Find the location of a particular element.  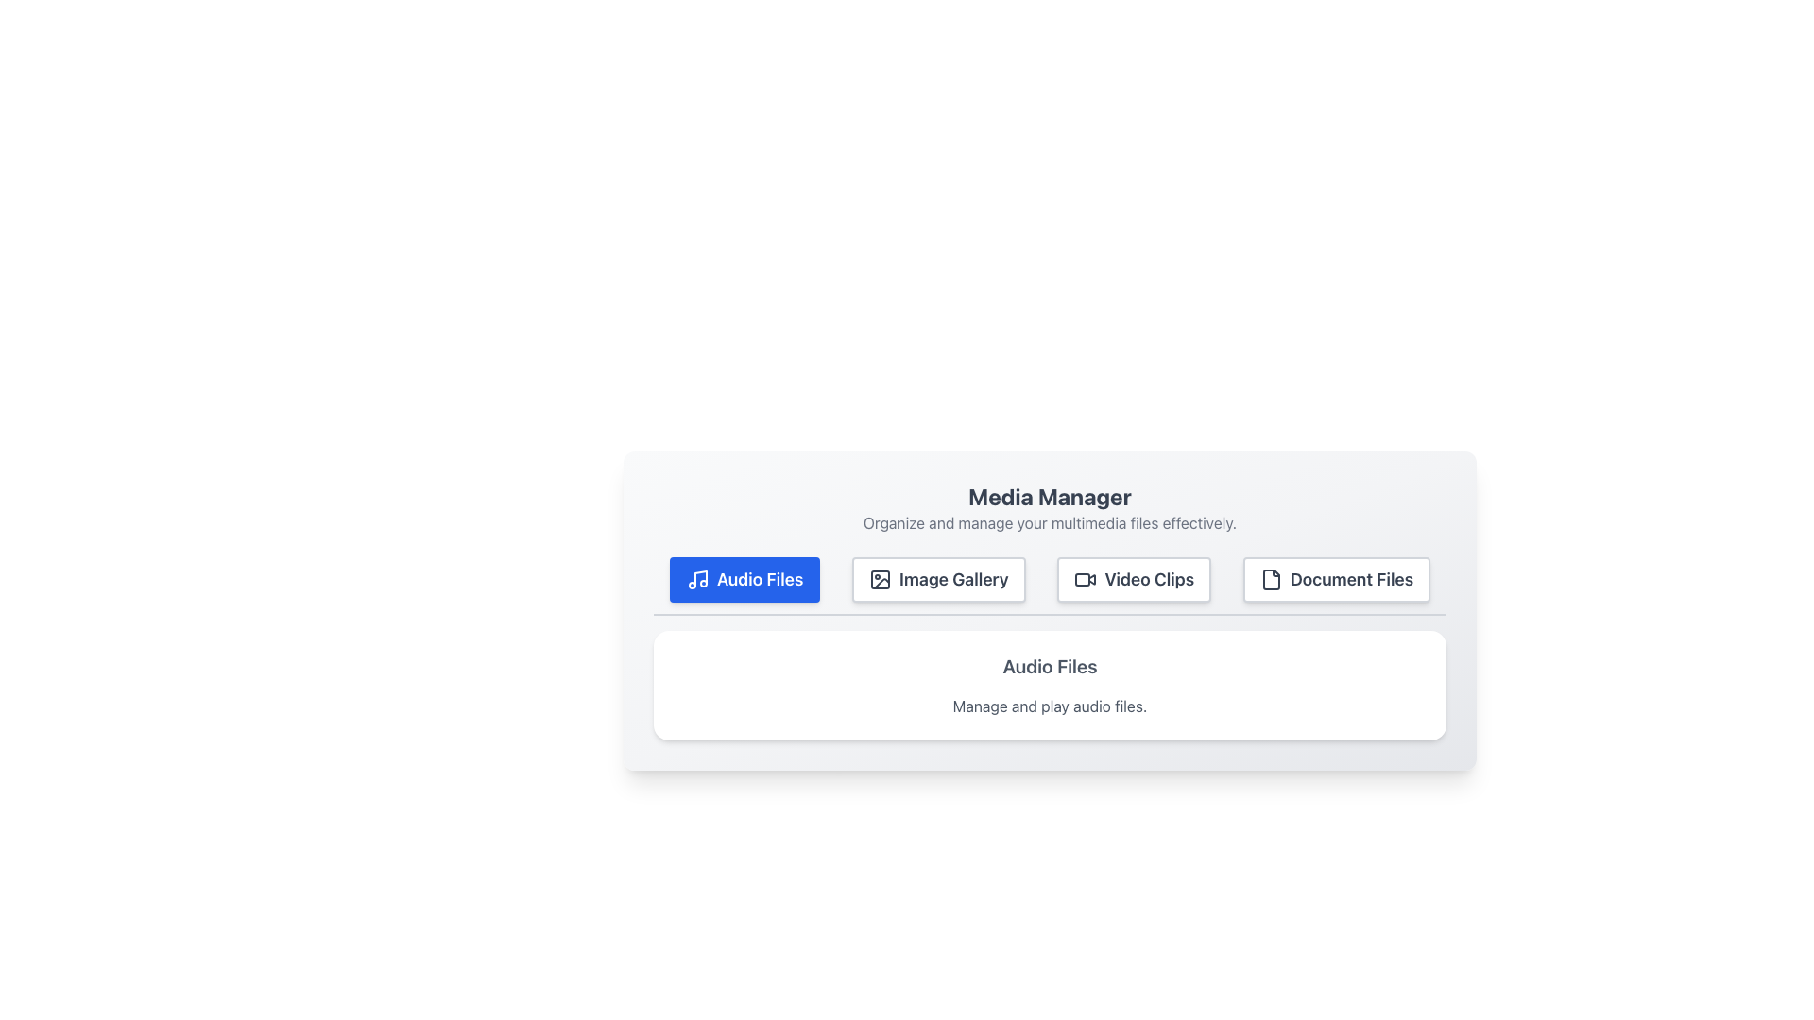

text 'Manage and play audio files.' located in a white rectangular block below the bold title 'Audio Files' is located at coordinates (1049, 706).